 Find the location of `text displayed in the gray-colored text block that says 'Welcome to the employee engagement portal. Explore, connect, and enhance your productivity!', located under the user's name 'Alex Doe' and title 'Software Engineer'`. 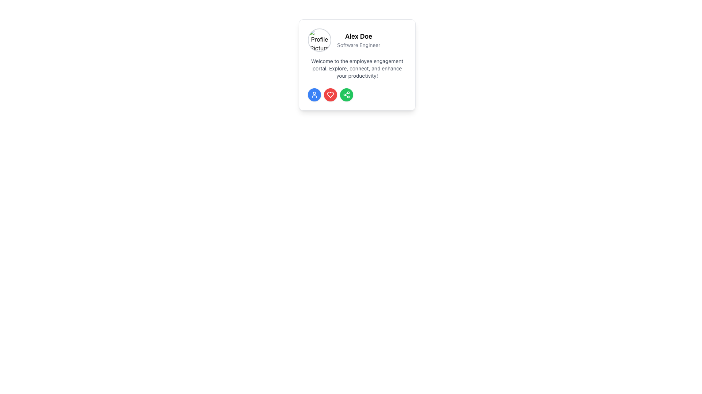

text displayed in the gray-colored text block that says 'Welcome to the employee engagement portal. Explore, connect, and enhance your productivity!', located under the user's name 'Alex Doe' and title 'Software Engineer' is located at coordinates (357, 69).